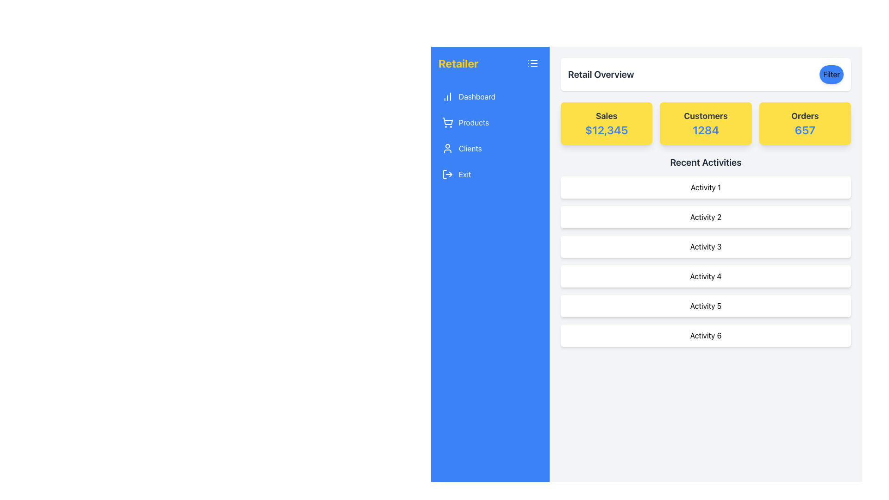  What do you see at coordinates (447, 175) in the screenshot?
I see `the logout icon with a white outline on a blue background, located next to the text label 'Exit' in the left navigation pane` at bounding box center [447, 175].